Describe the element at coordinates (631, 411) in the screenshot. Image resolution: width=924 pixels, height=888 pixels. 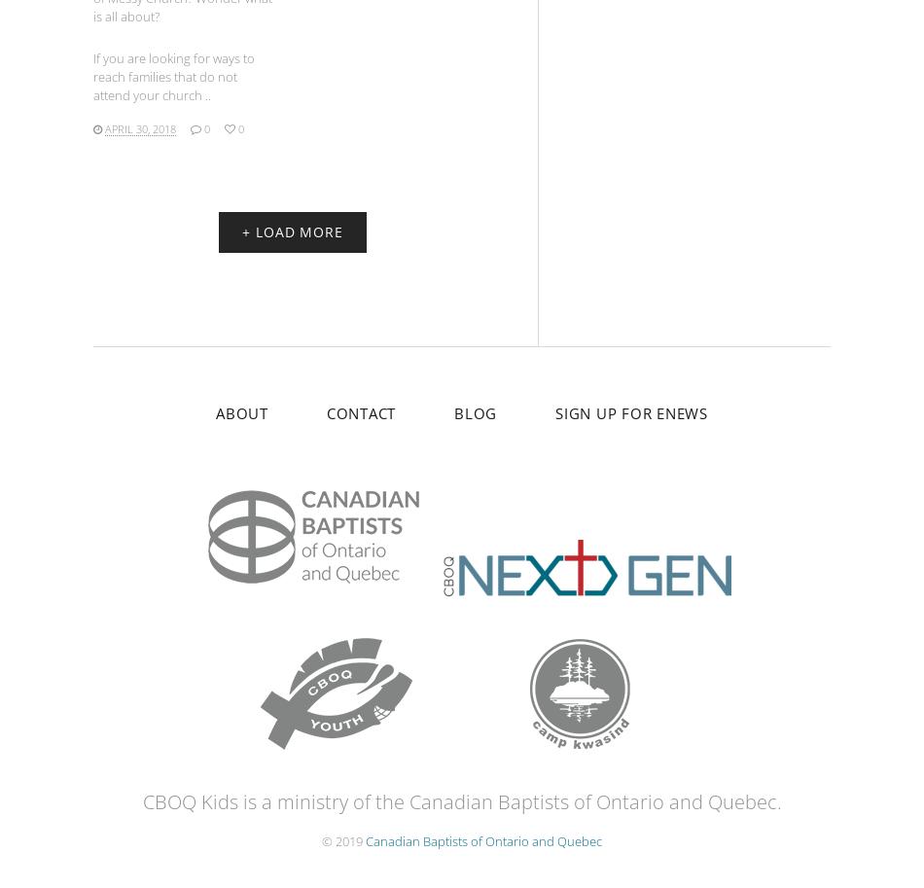
I see `'Sign Up for eNews'` at that location.